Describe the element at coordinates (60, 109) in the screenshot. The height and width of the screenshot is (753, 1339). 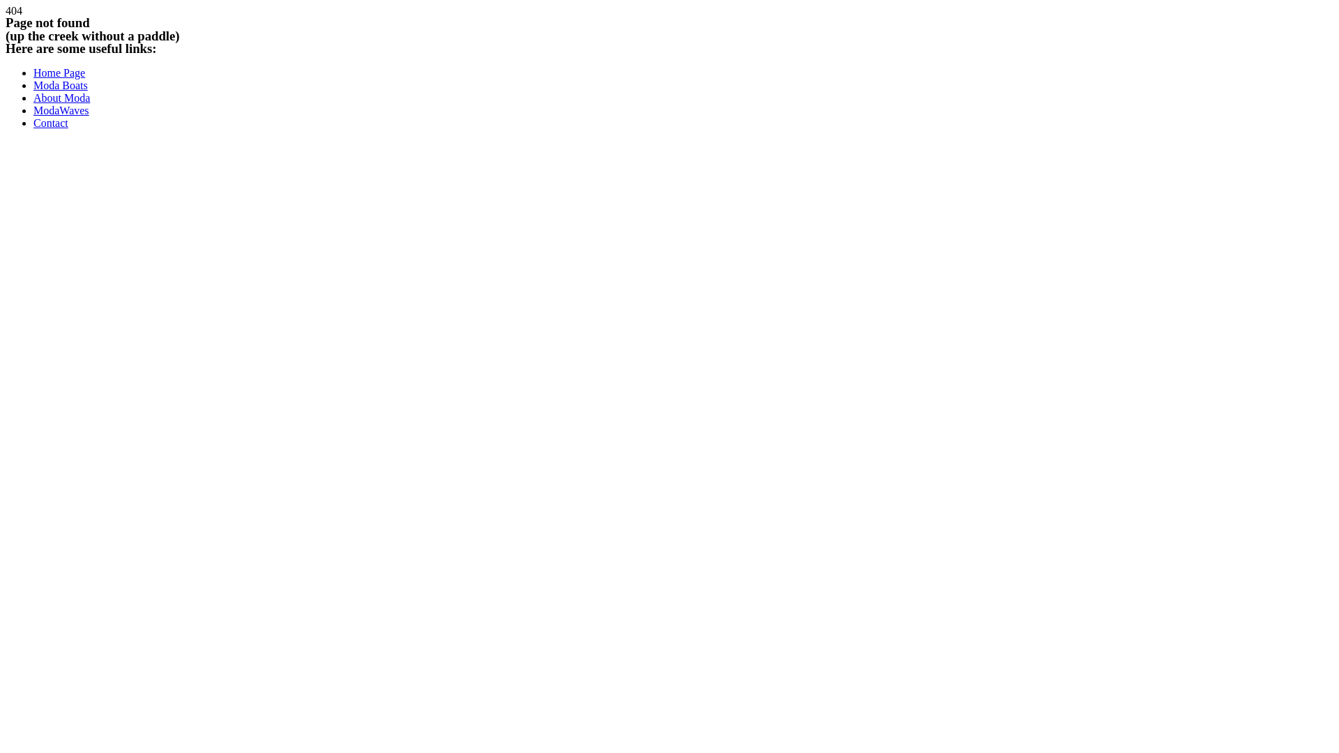
I see `'ModaWaves'` at that location.